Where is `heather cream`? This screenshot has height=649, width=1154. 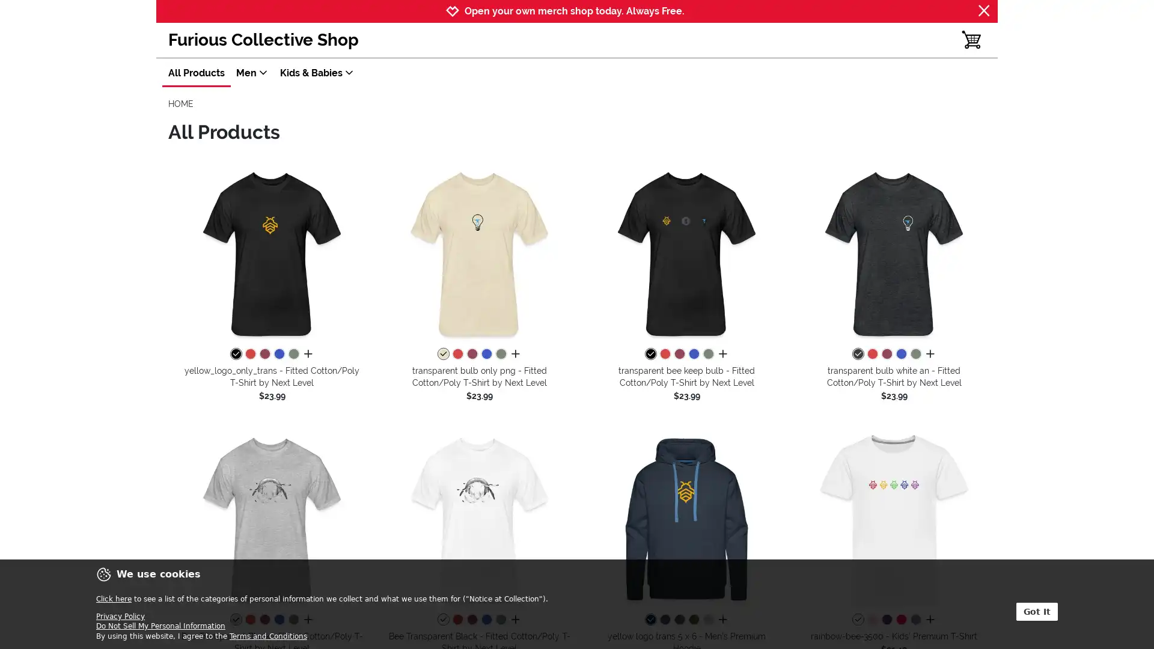 heather cream is located at coordinates (442, 354).